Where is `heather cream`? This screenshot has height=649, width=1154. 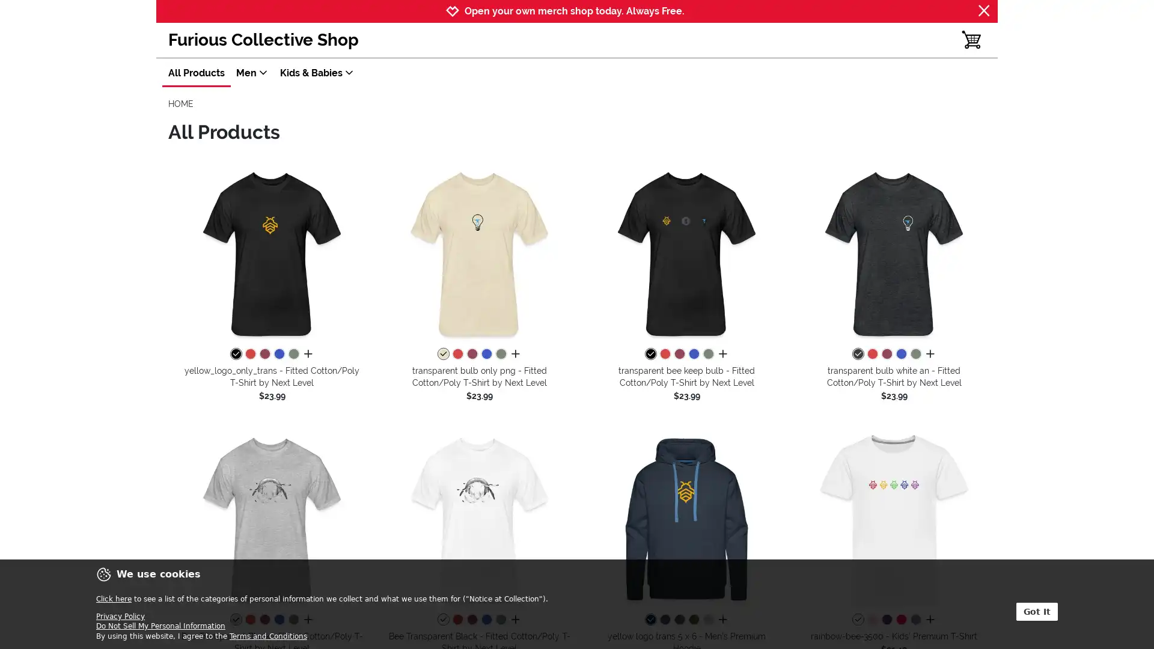 heather cream is located at coordinates (442, 354).